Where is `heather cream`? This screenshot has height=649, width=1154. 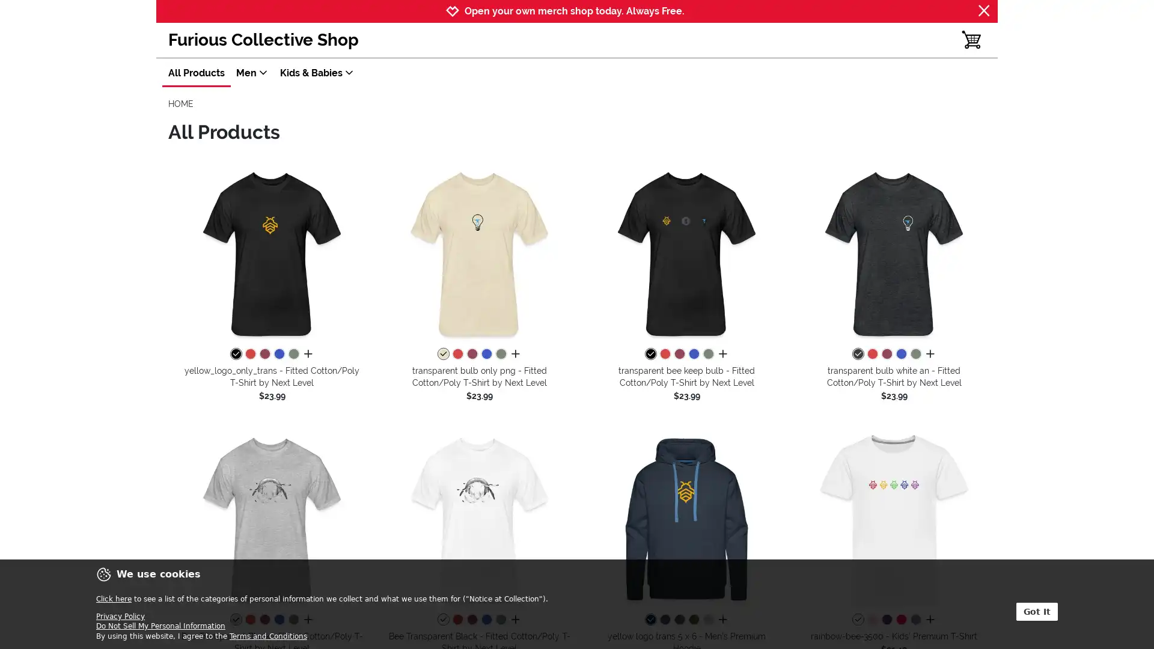 heather cream is located at coordinates (442, 354).